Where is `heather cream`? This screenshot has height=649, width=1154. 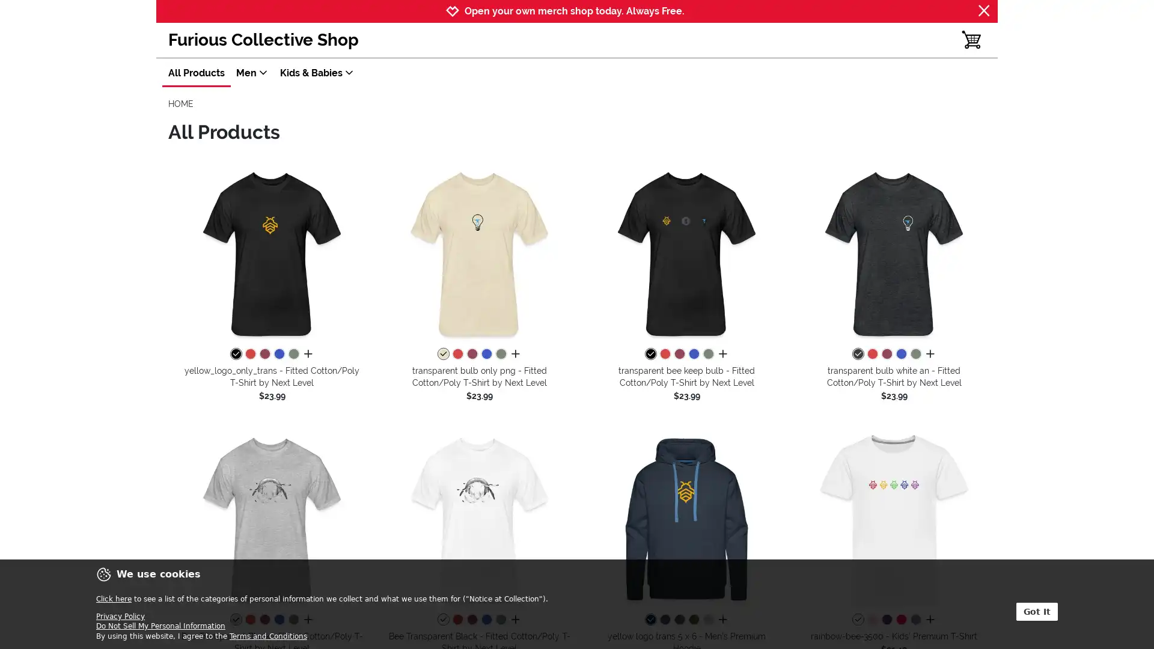 heather cream is located at coordinates (442, 354).